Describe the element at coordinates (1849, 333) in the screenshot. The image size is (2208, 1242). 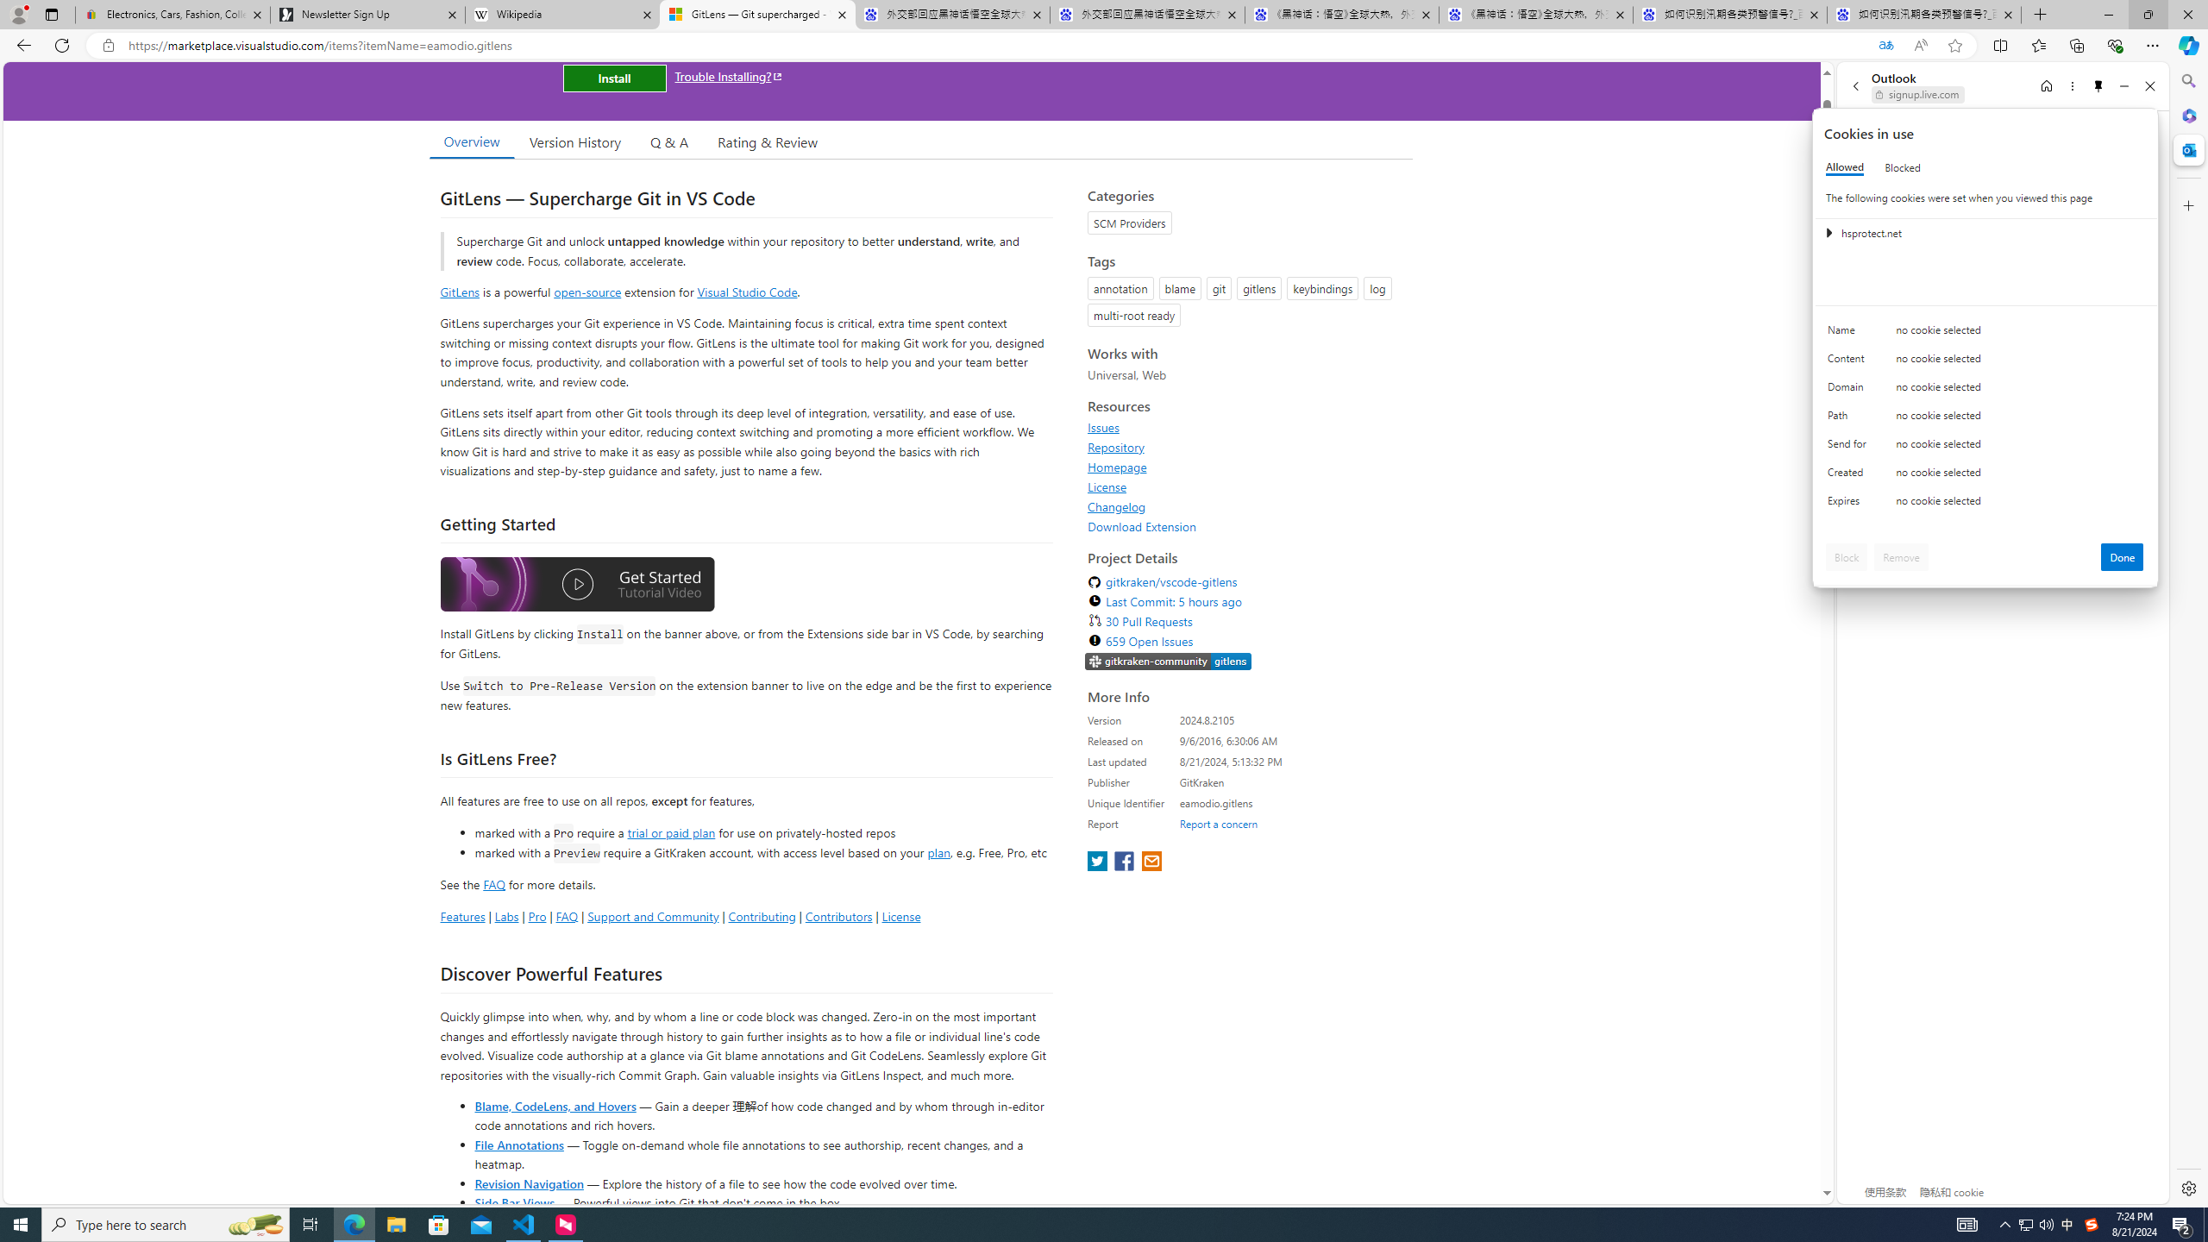
I see `'Name'` at that location.